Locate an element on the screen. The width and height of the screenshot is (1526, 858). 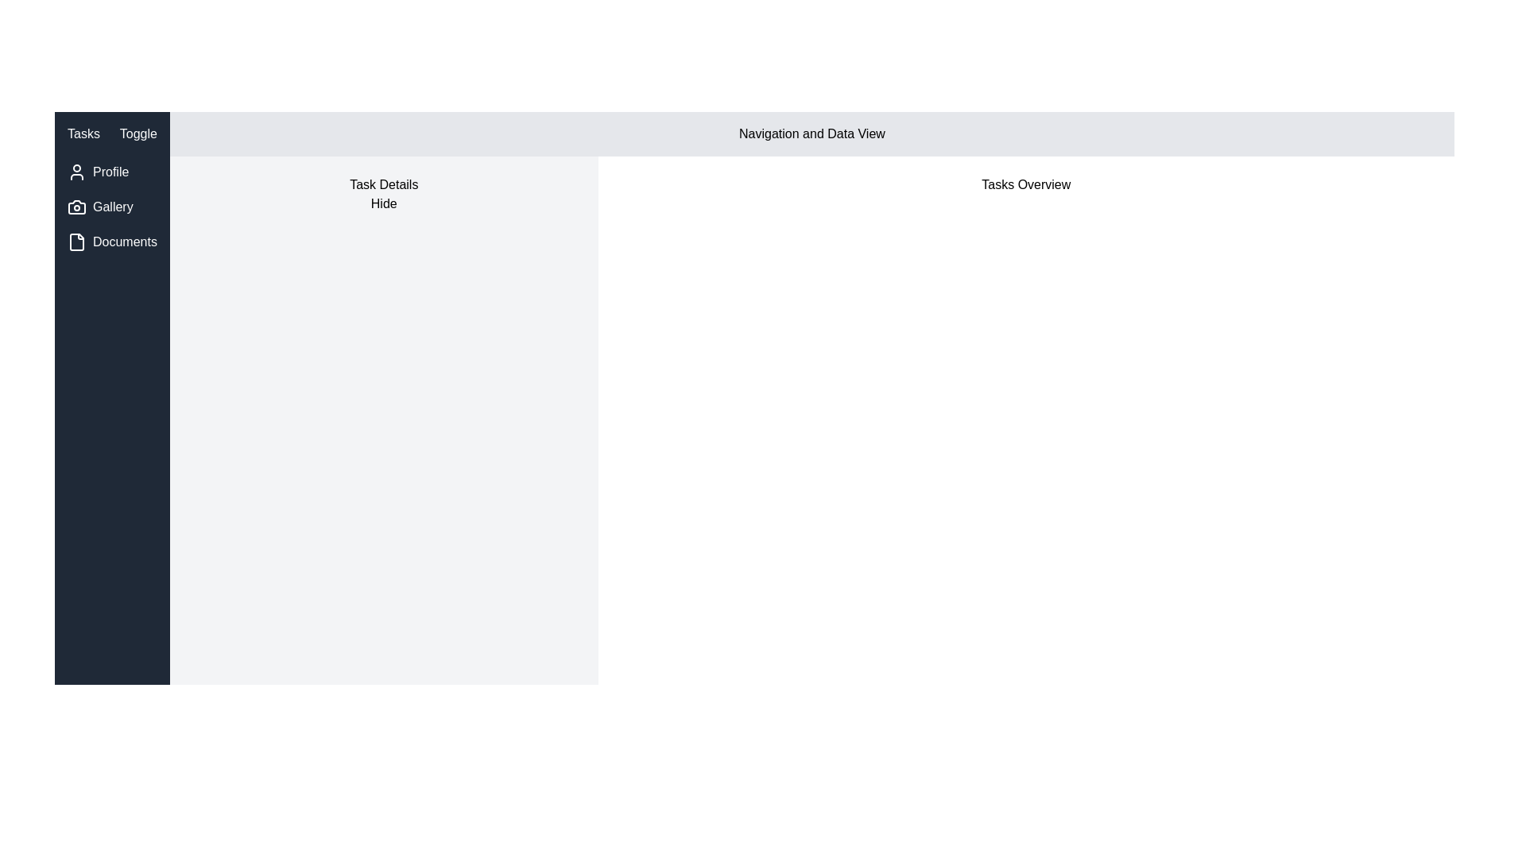
the Header element with a light gray background that contains the text 'Navigation and Data View' centered within it is located at coordinates (812, 133).